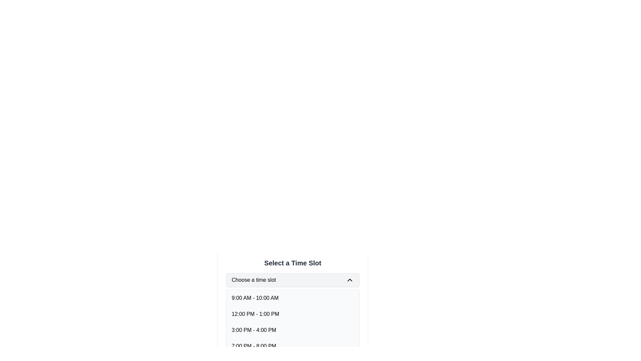 This screenshot has height=361, width=641. Describe the element at coordinates (253, 330) in the screenshot. I see `the selectable time slot '3:00 PM - 4:00 PM' in the dropdown menu` at that location.